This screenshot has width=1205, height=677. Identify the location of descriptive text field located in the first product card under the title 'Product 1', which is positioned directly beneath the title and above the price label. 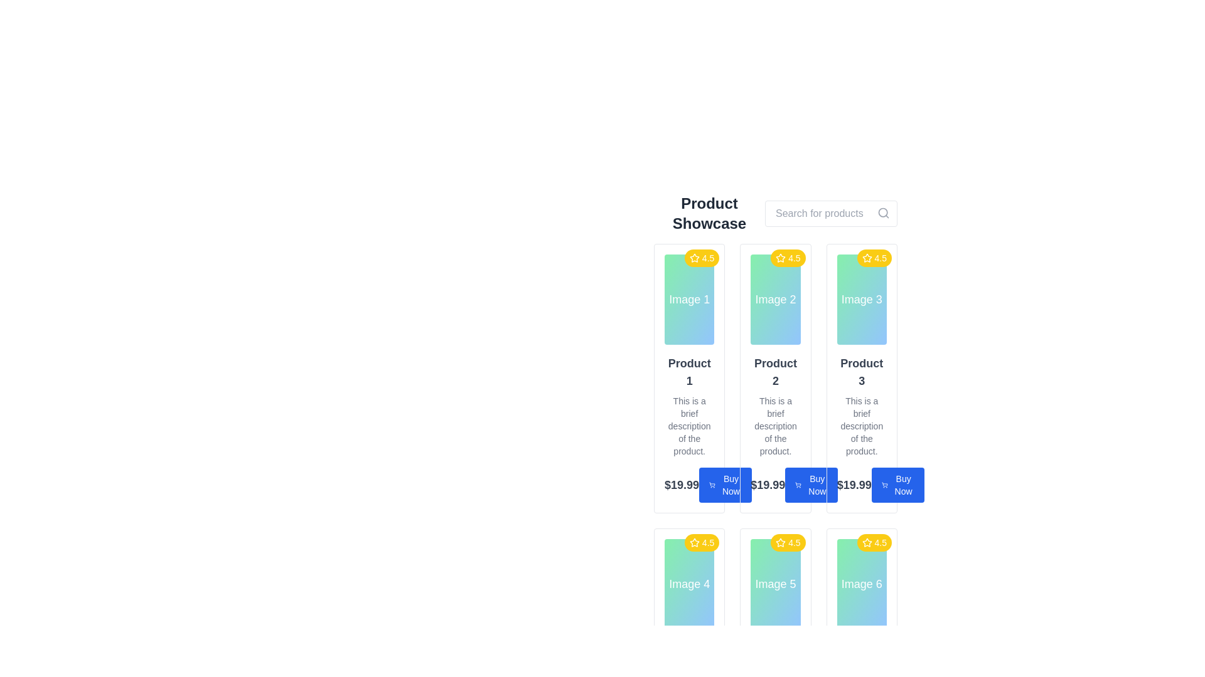
(688, 425).